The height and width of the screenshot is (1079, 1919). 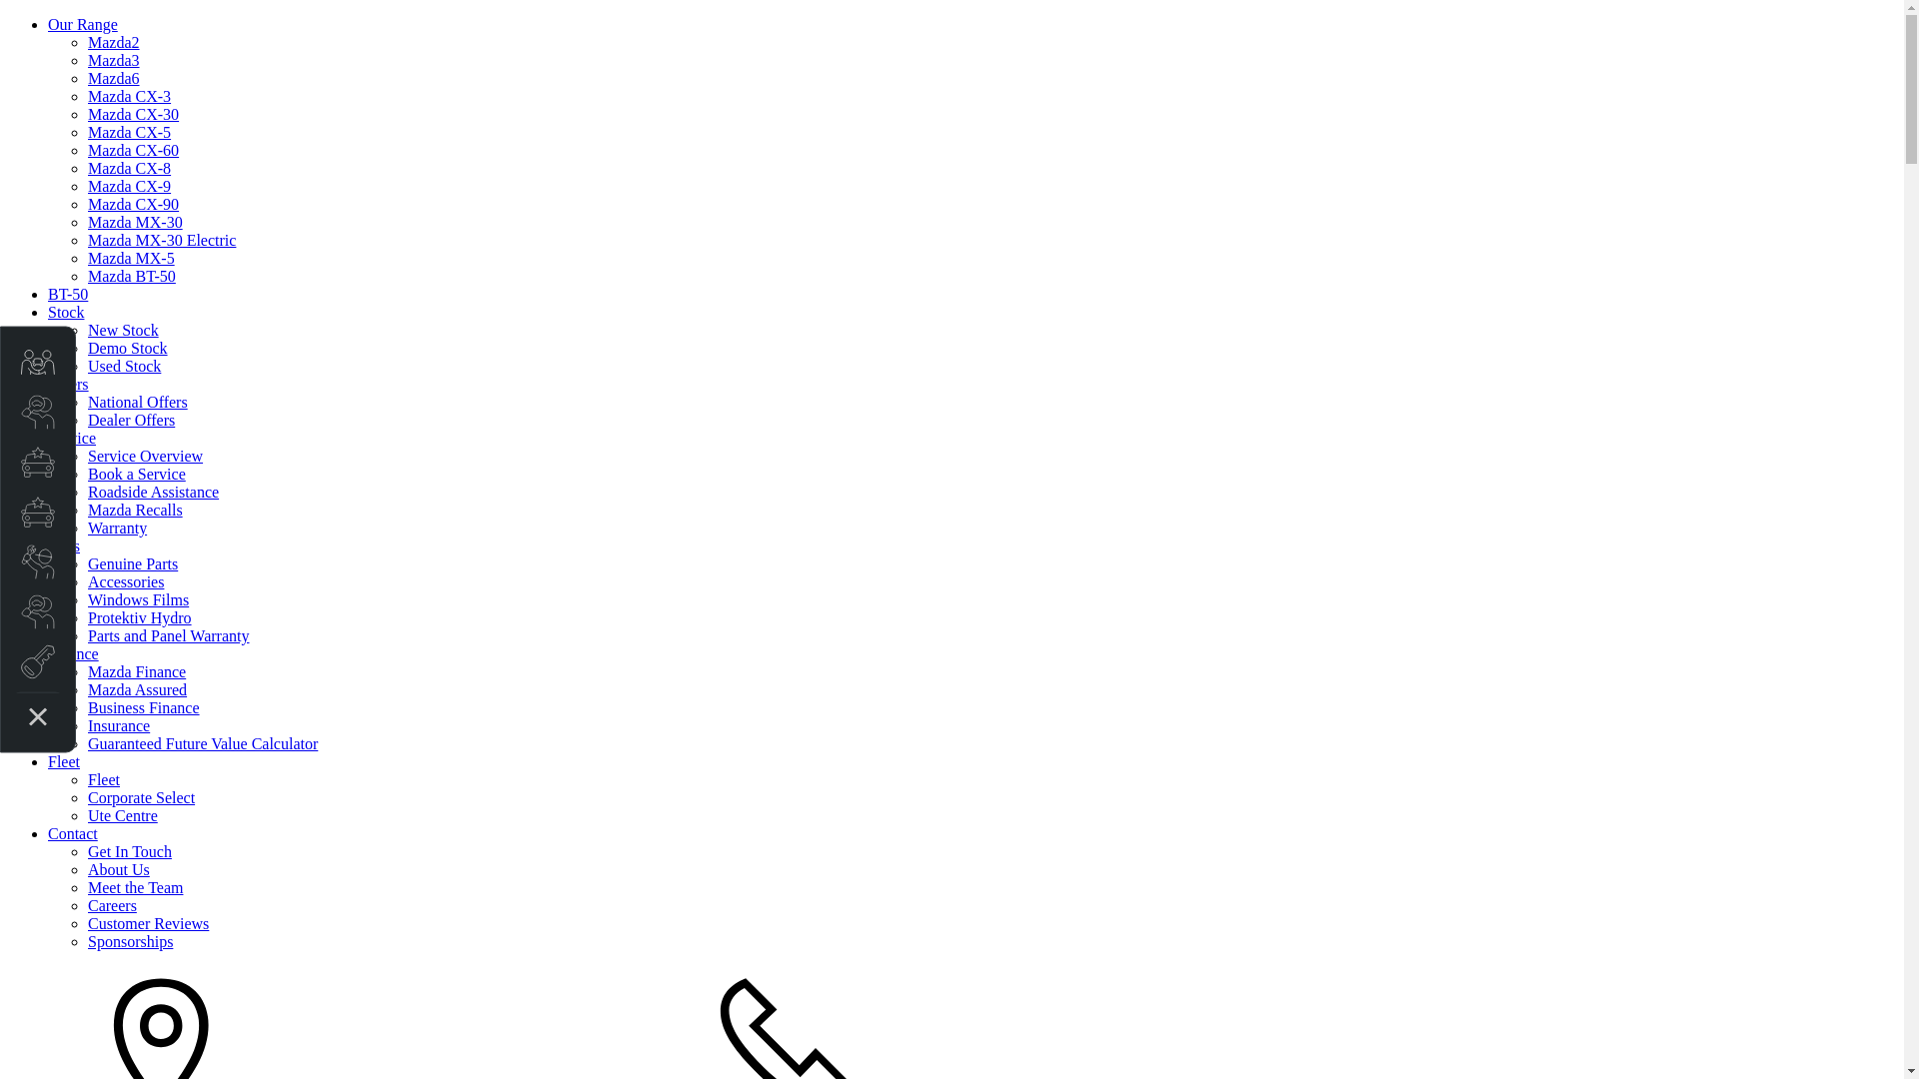 What do you see at coordinates (134, 509) in the screenshot?
I see `'Mazda Recalls'` at bounding box center [134, 509].